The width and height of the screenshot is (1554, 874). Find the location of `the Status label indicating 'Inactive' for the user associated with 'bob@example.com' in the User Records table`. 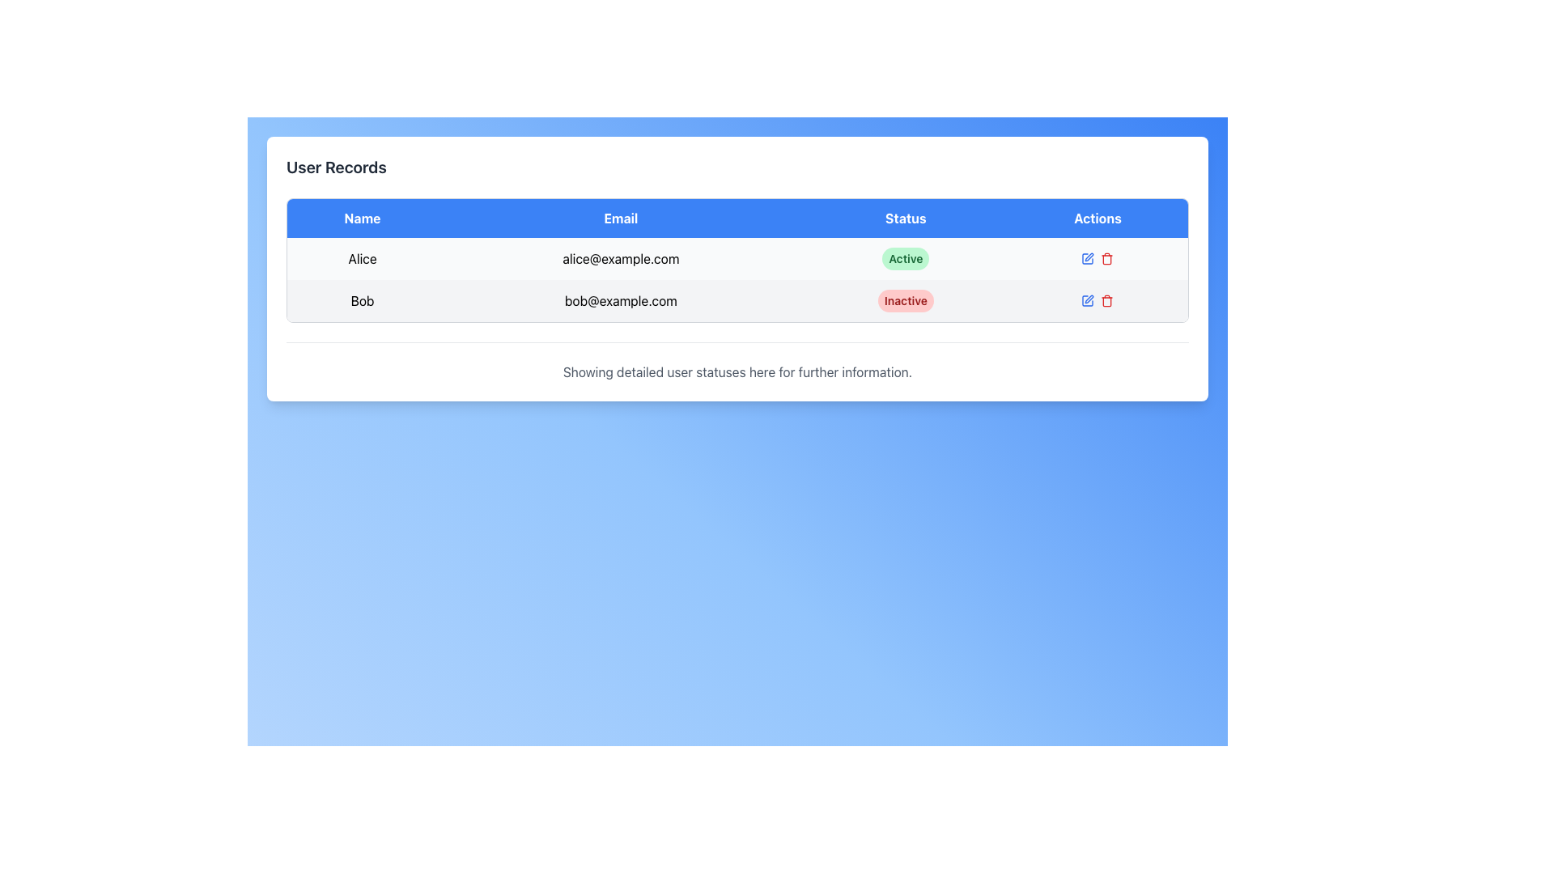

the Status label indicating 'Inactive' for the user associated with 'bob@example.com' in the User Records table is located at coordinates (905, 300).